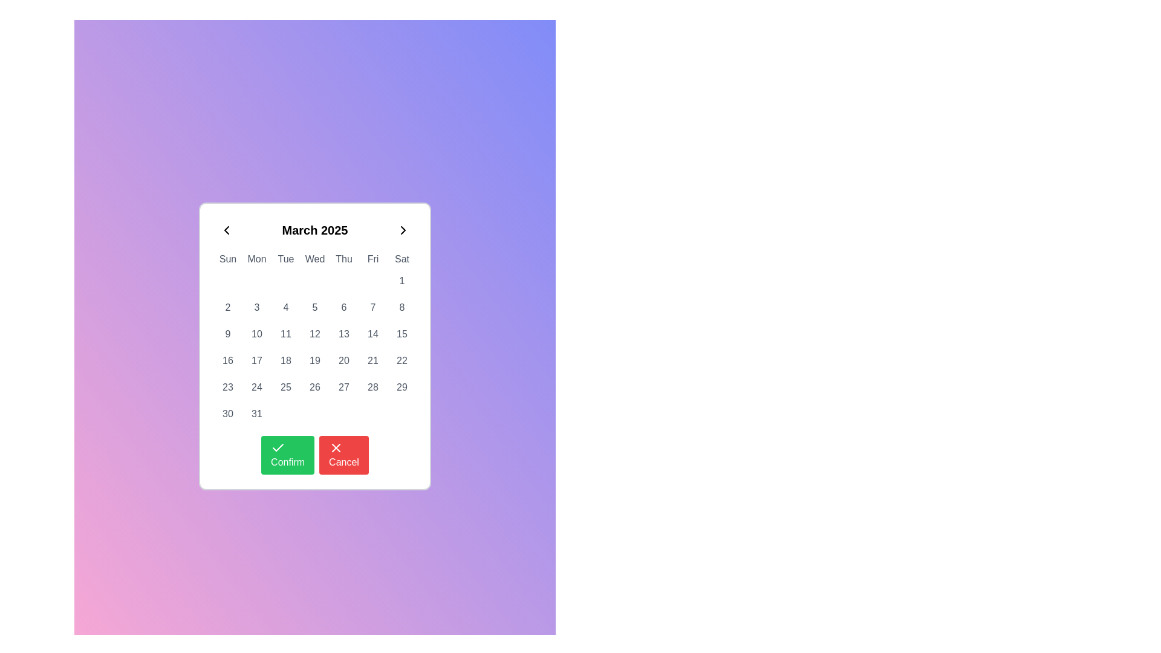 The width and height of the screenshot is (1161, 653). What do you see at coordinates (343, 334) in the screenshot?
I see `the interactive calendar date block representing the 13th day of the month, located` at bounding box center [343, 334].